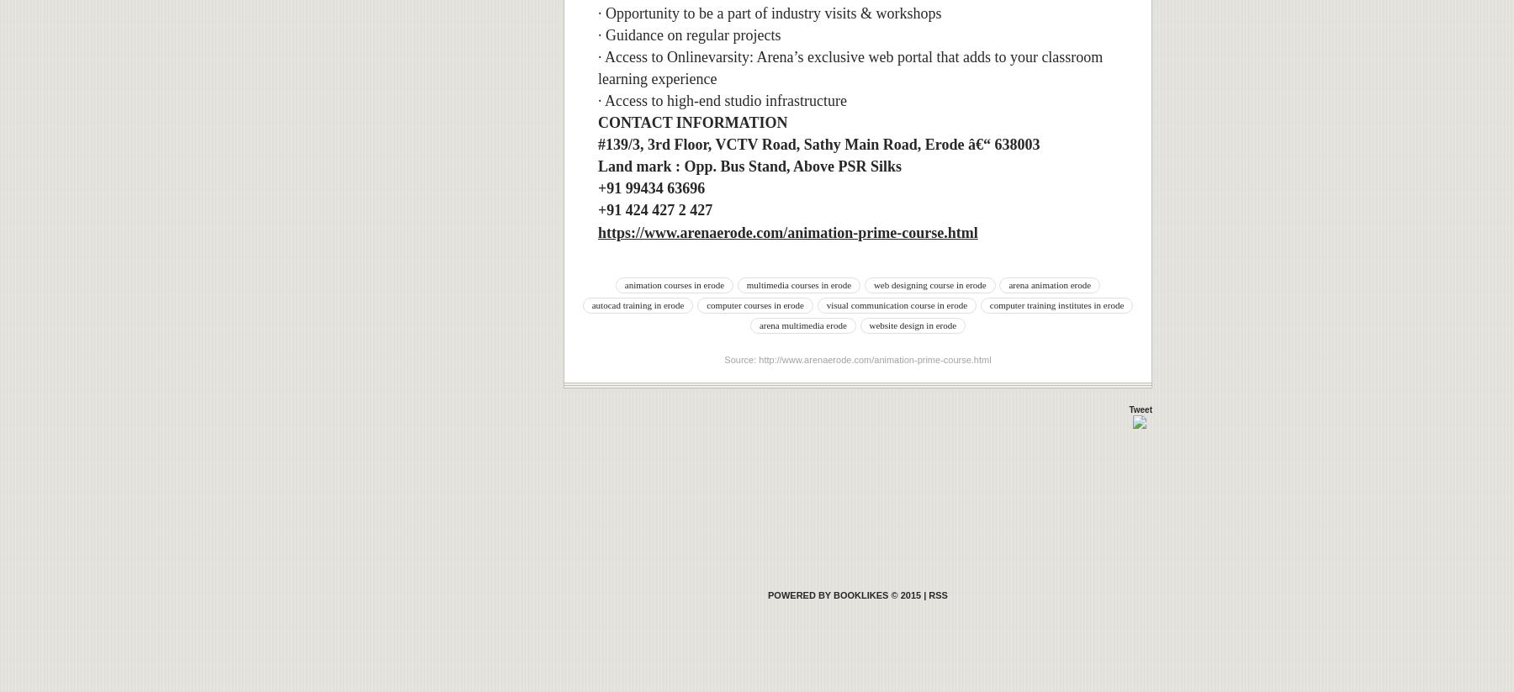 Image resolution: width=1514 pixels, height=692 pixels. Describe the element at coordinates (674, 284) in the screenshot. I see `'animation courses in erode'` at that location.